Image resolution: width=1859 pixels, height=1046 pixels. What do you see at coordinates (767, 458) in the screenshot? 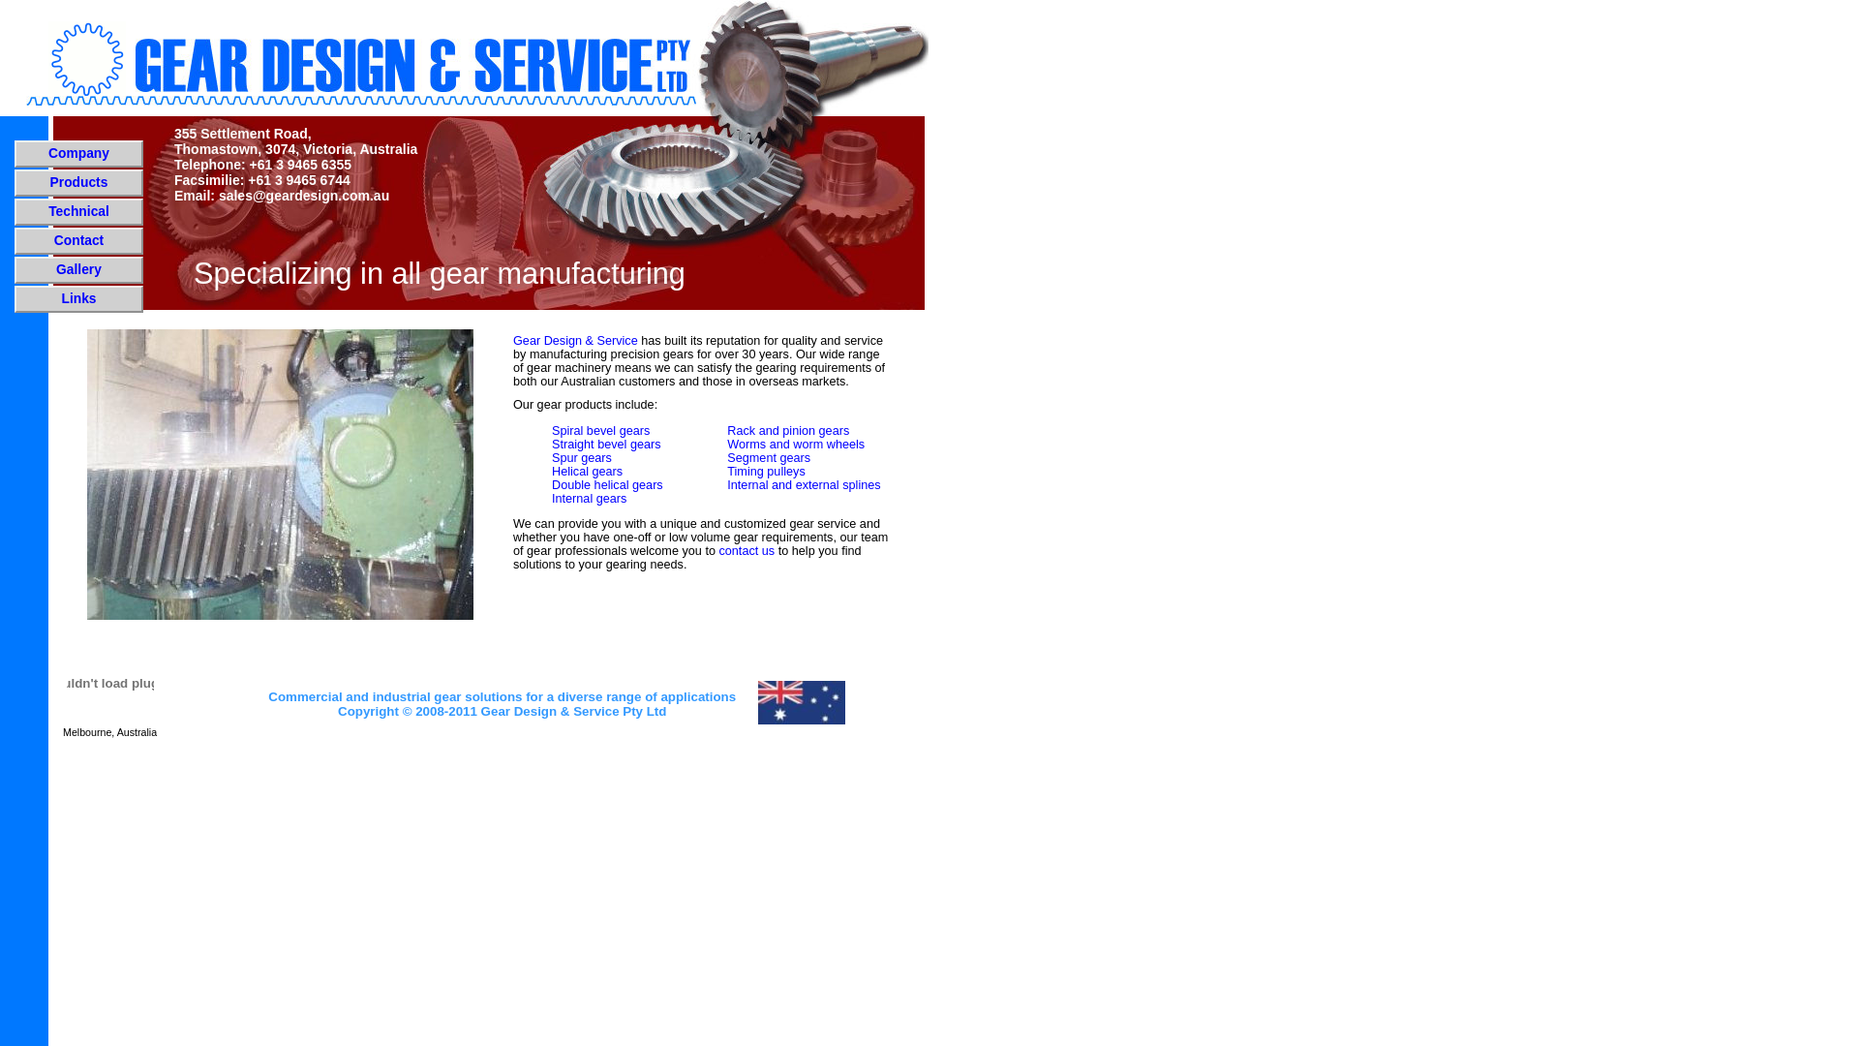
I see `'Segment gears'` at bounding box center [767, 458].